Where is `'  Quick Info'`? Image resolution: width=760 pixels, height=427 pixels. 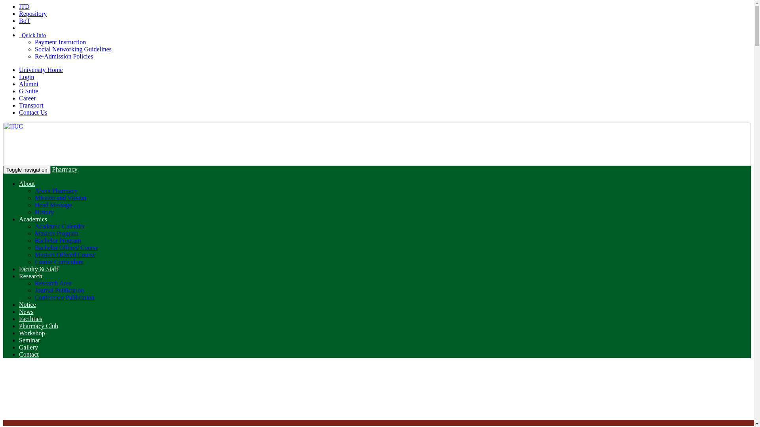
'  Quick Info' is located at coordinates (19, 35).